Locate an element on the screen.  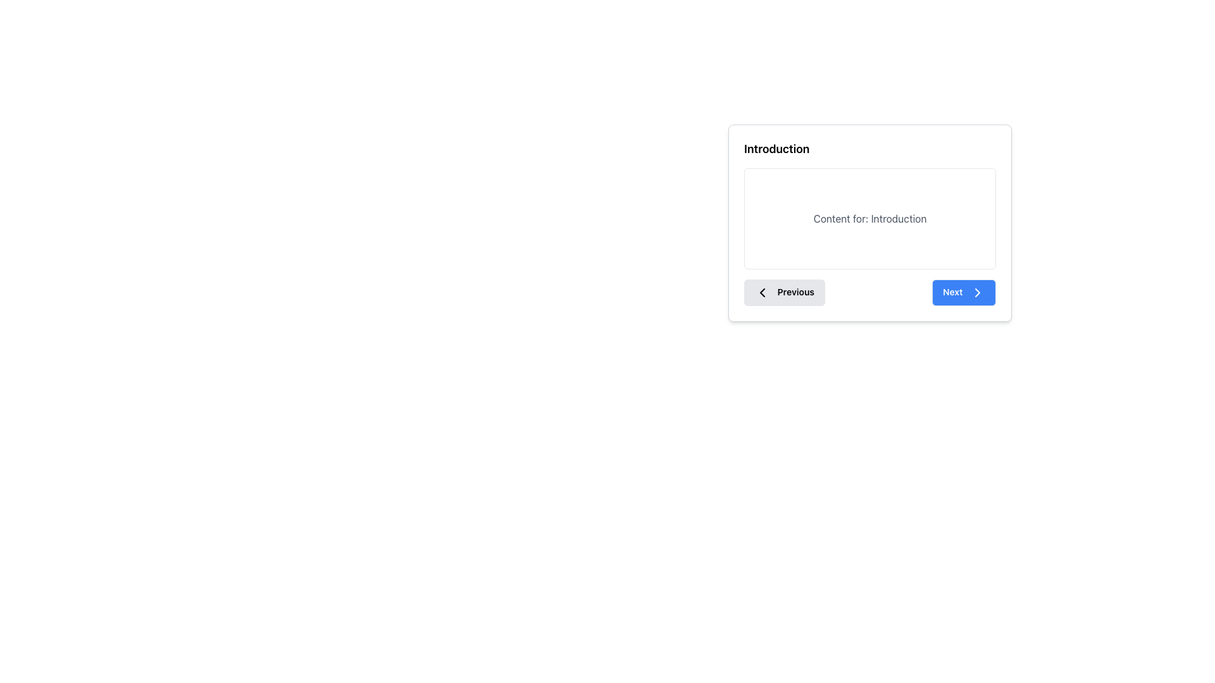
the 'Previous' button, which is a rectangular button with rounded corners, containing the text 'Previous' and a left-pointing Chevron icon, located at the bottom of the card interface is located at coordinates (783, 292).